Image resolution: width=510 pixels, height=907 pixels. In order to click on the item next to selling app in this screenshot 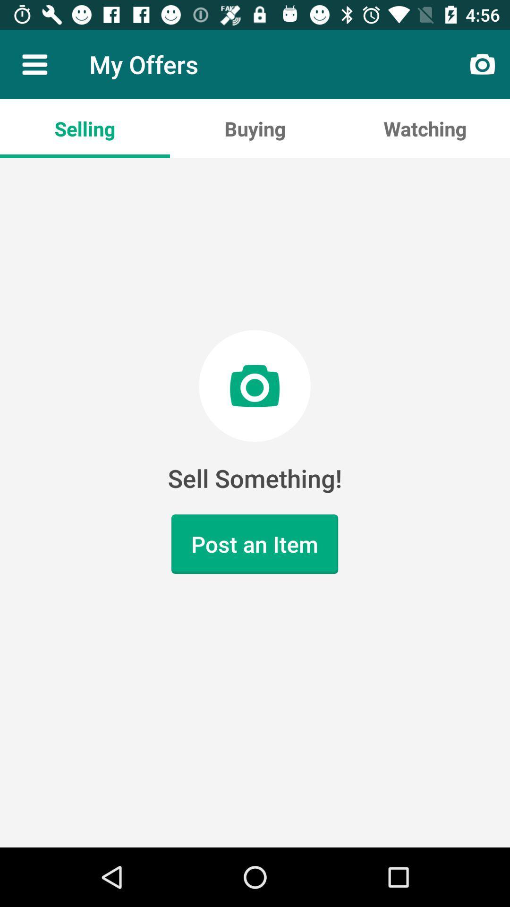, I will do `click(255, 128)`.